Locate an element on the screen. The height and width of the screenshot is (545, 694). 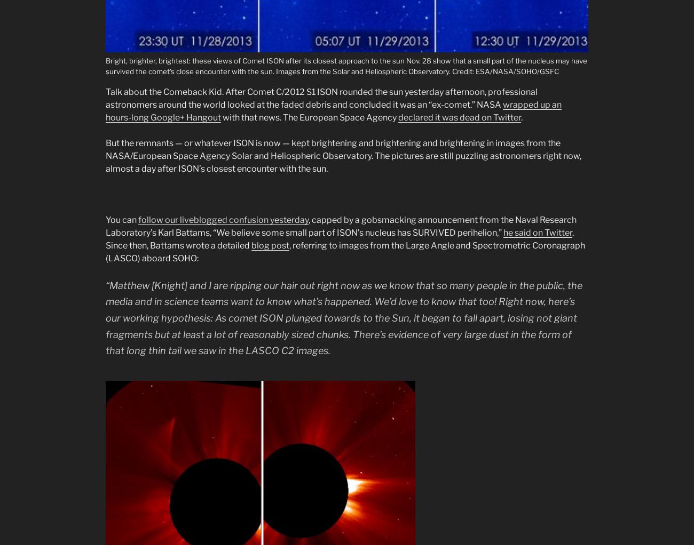
'. Since then, Battams wrote a detailed' is located at coordinates (340, 238).